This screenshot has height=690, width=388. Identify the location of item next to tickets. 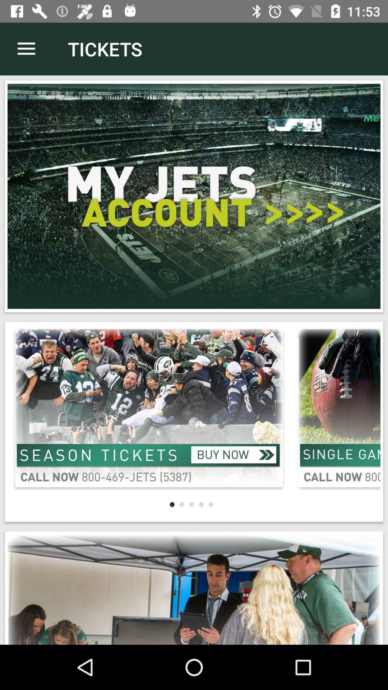
(26, 49).